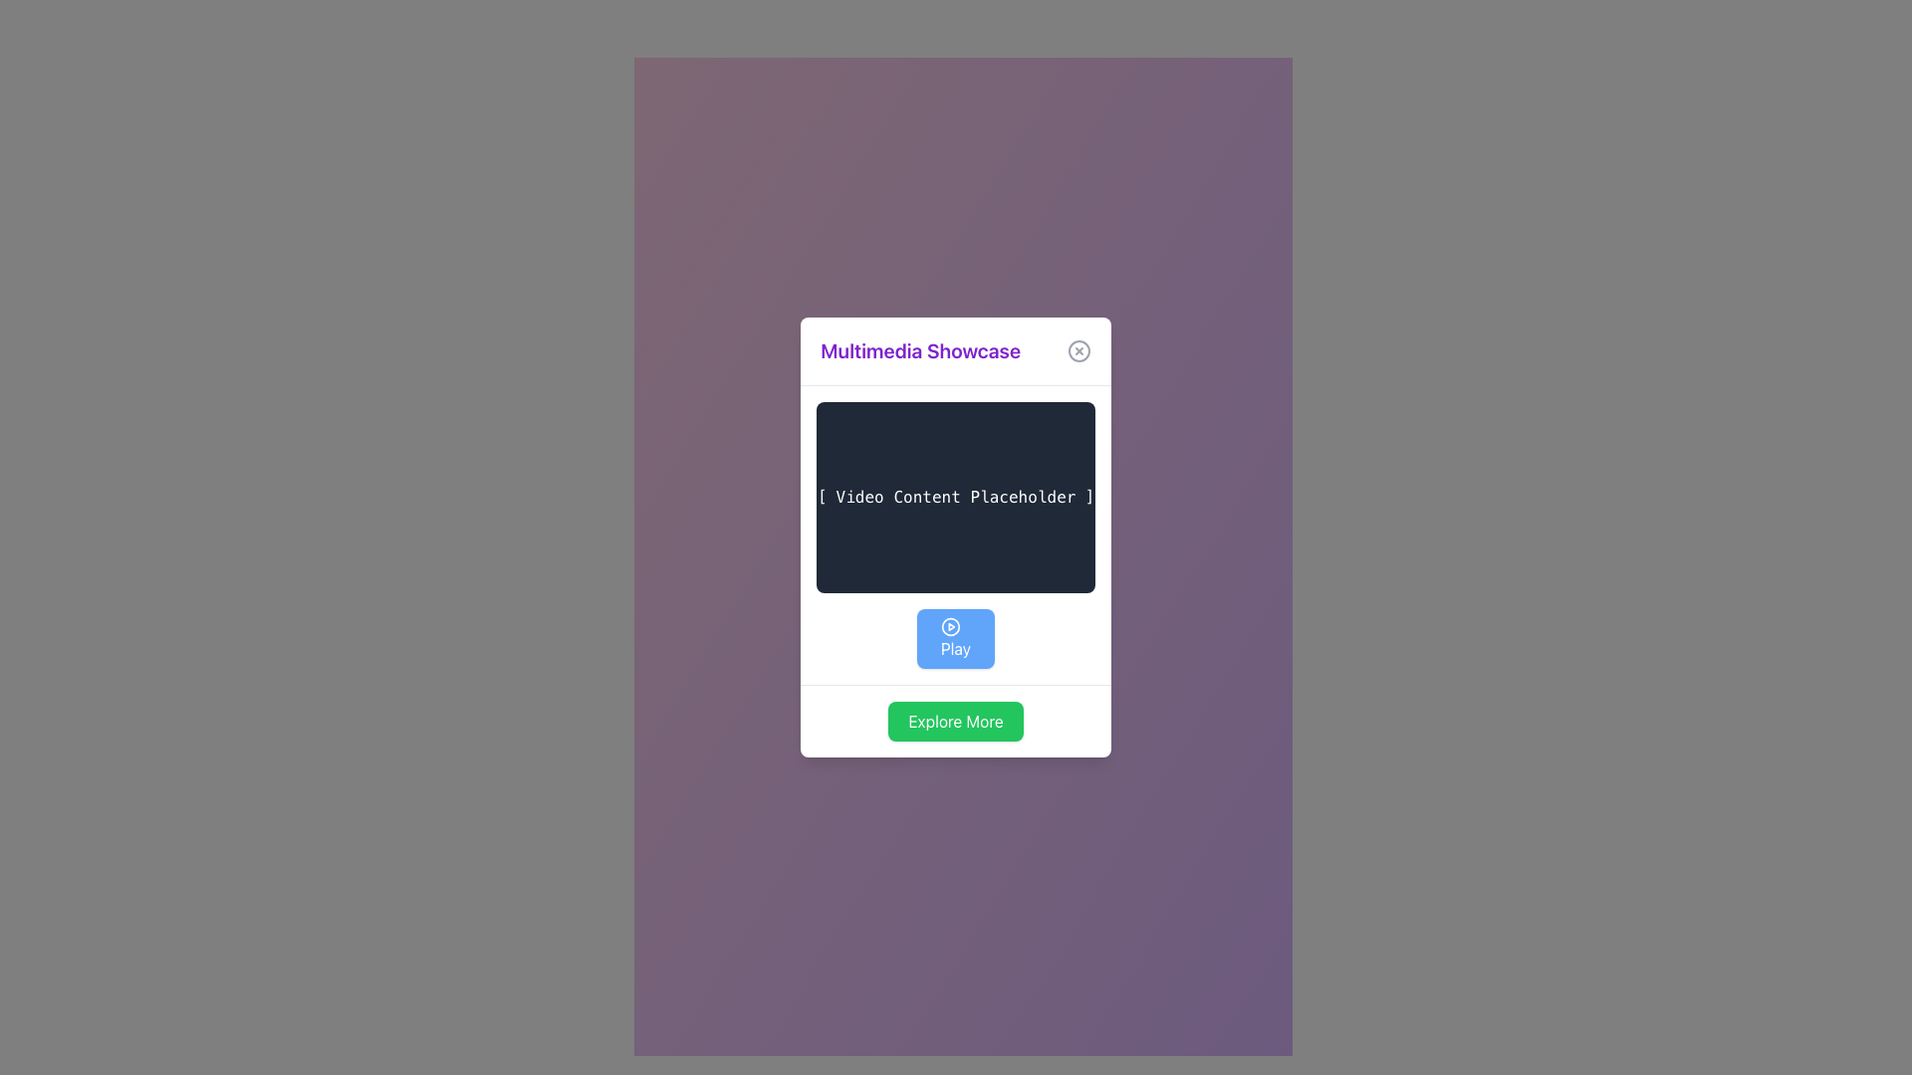 The image size is (1912, 1075). What do you see at coordinates (949, 625) in the screenshot?
I see `the circular element located within the triangular play button icon in the modal interface, positioned just above the 'Explore More' button` at bounding box center [949, 625].